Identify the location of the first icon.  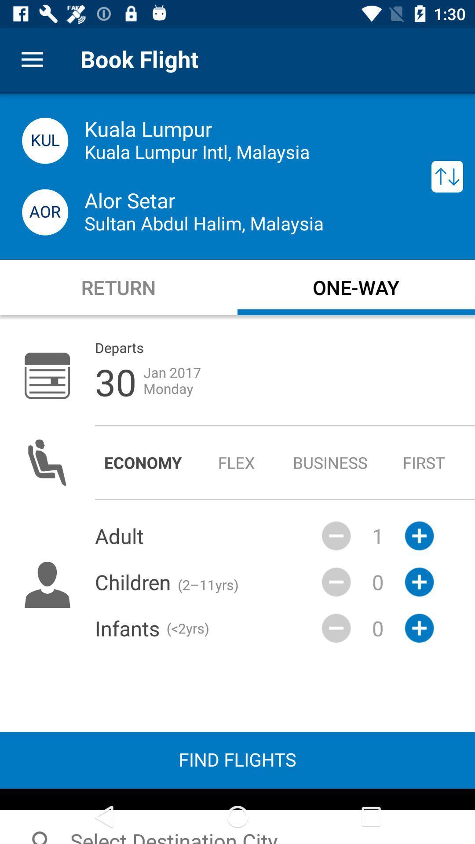
(424, 462).